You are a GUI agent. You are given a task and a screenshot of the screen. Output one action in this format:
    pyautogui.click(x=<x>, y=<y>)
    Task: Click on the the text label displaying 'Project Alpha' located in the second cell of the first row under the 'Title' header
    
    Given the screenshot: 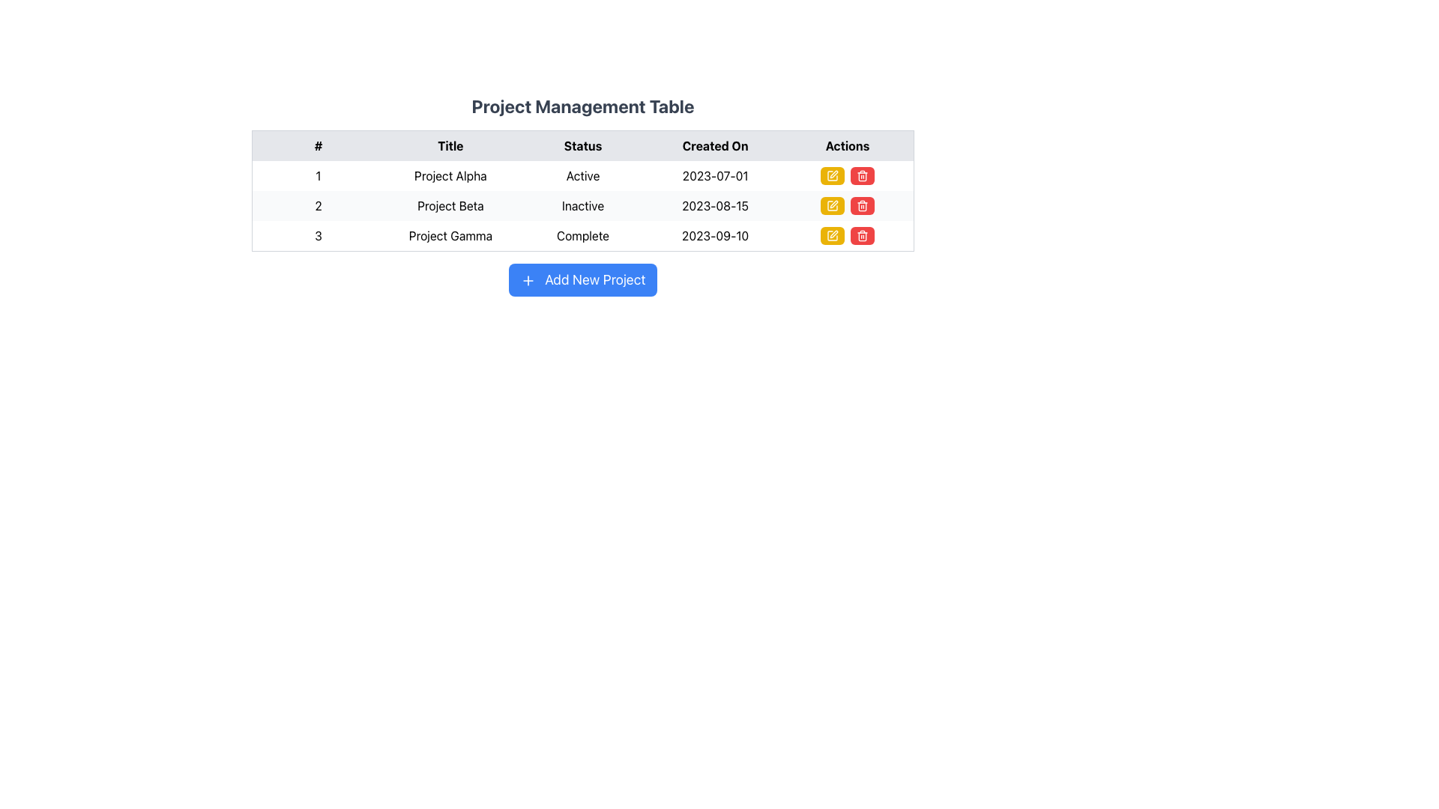 What is the action you would take?
    pyautogui.click(x=450, y=175)
    